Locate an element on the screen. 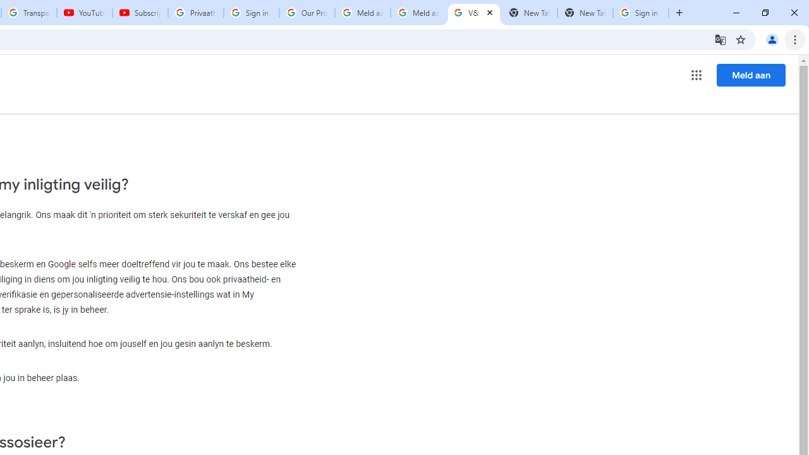  'Translate this page' is located at coordinates (720, 39).